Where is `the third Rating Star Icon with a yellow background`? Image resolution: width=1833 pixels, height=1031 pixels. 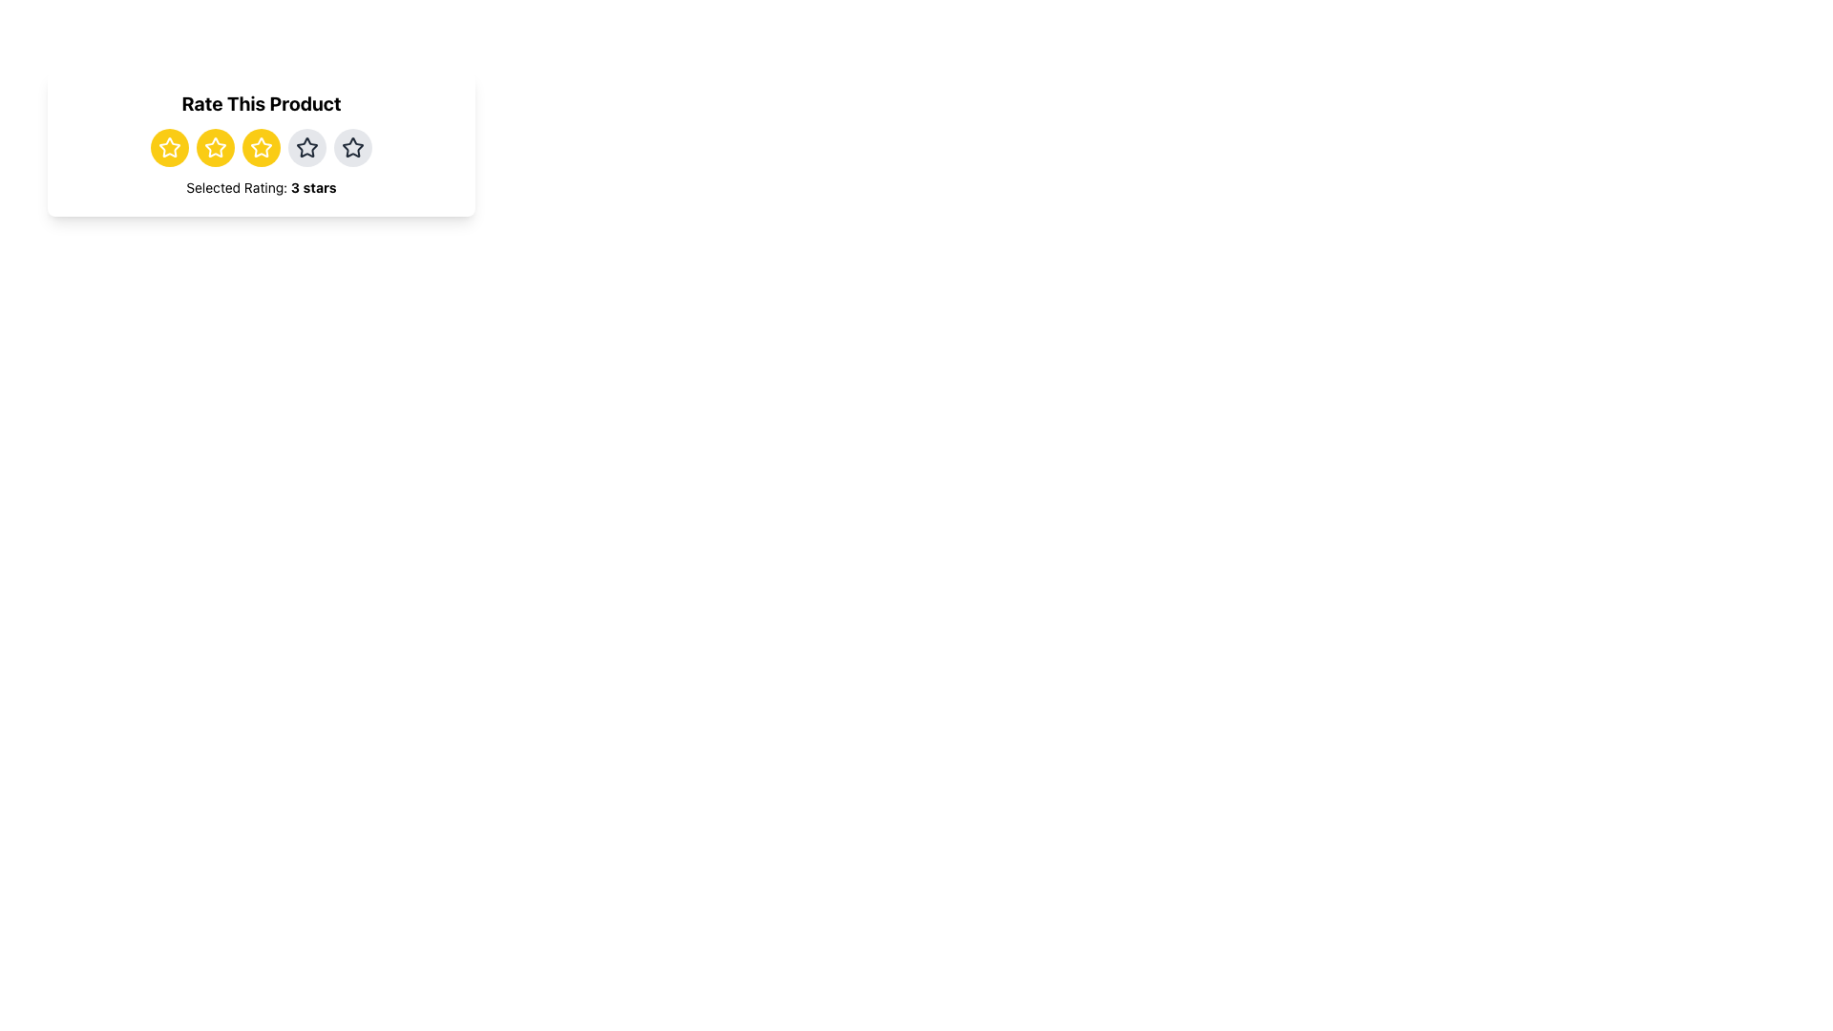 the third Rating Star Icon with a yellow background is located at coordinates (260, 146).